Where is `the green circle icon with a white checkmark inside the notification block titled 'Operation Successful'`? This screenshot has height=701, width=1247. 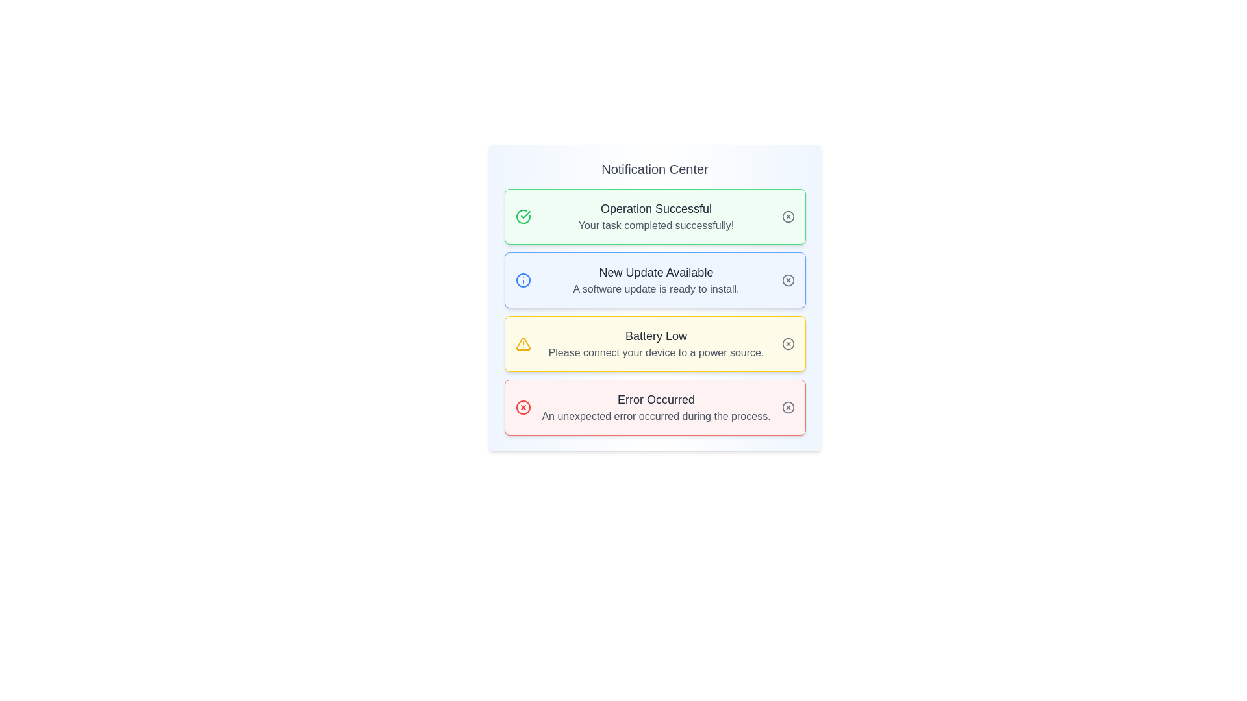 the green circle icon with a white checkmark inside the notification block titled 'Operation Successful' is located at coordinates (523, 216).